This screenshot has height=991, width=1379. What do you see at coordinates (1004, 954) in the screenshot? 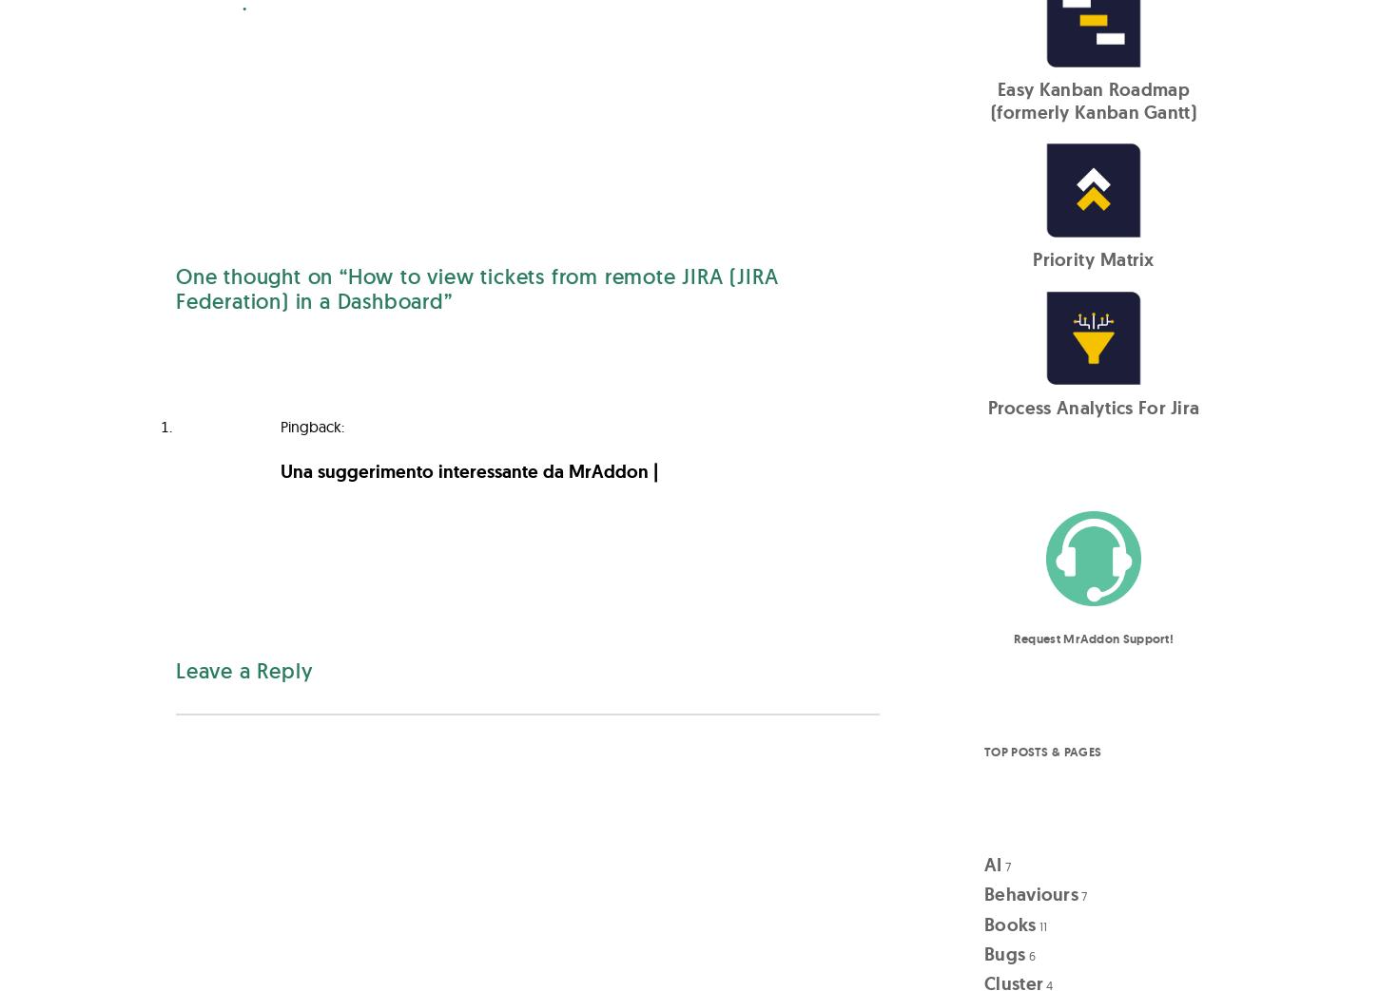
I see `'Bugs'` at bounding box center [1004, 954].